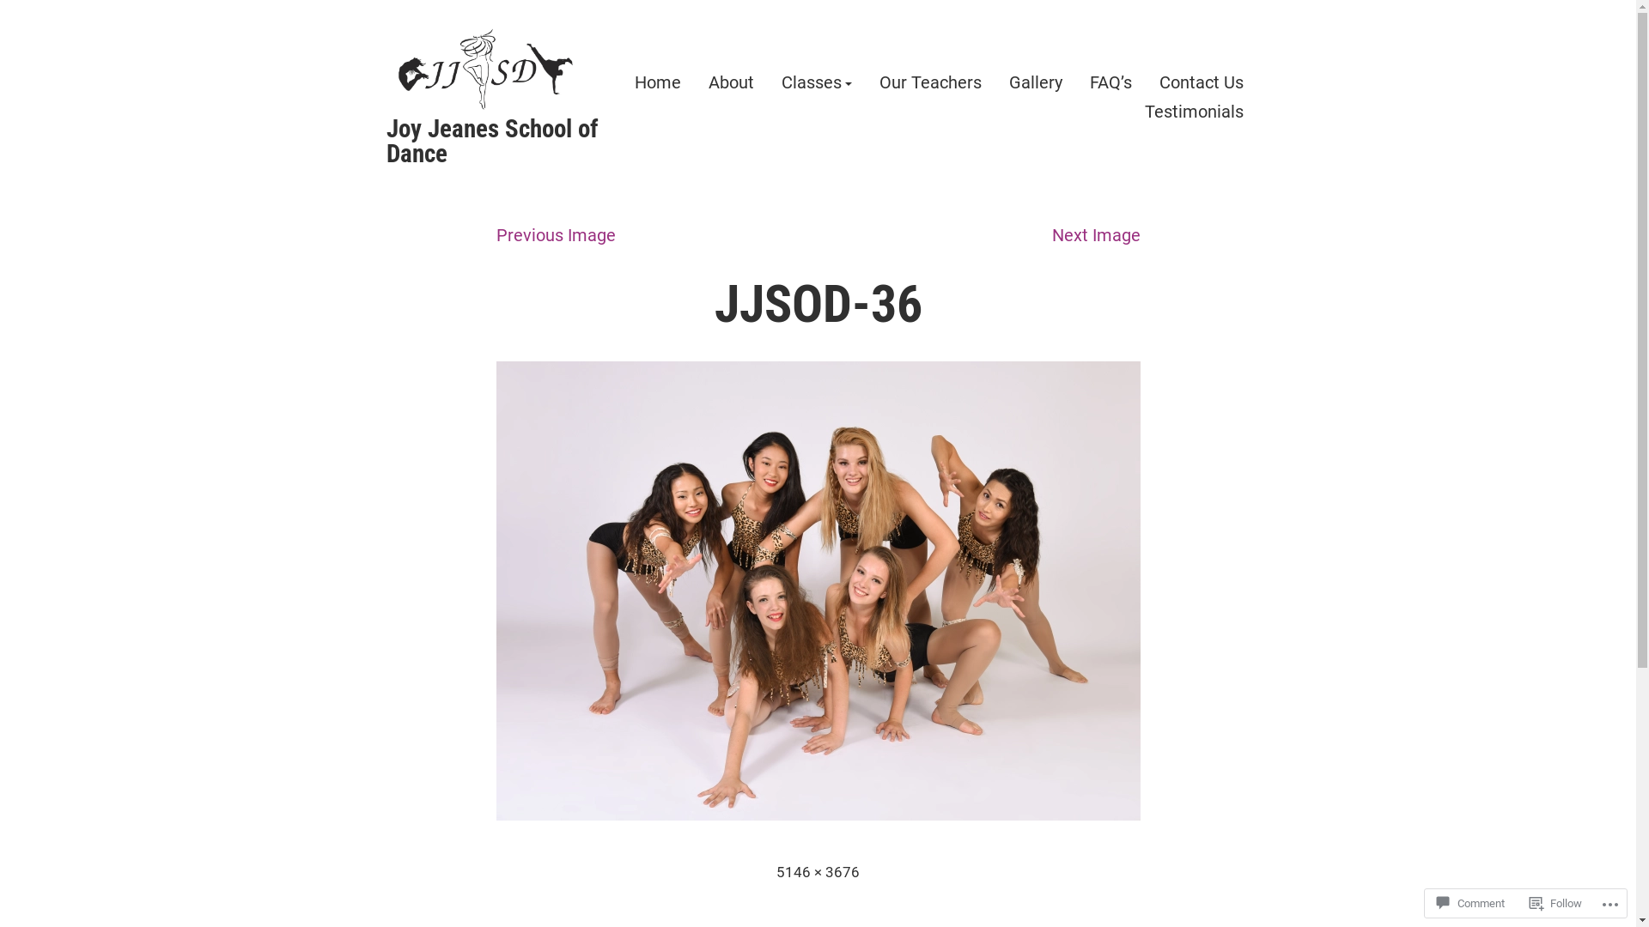  I want to click on 'Previous Image', so click(556, 234).